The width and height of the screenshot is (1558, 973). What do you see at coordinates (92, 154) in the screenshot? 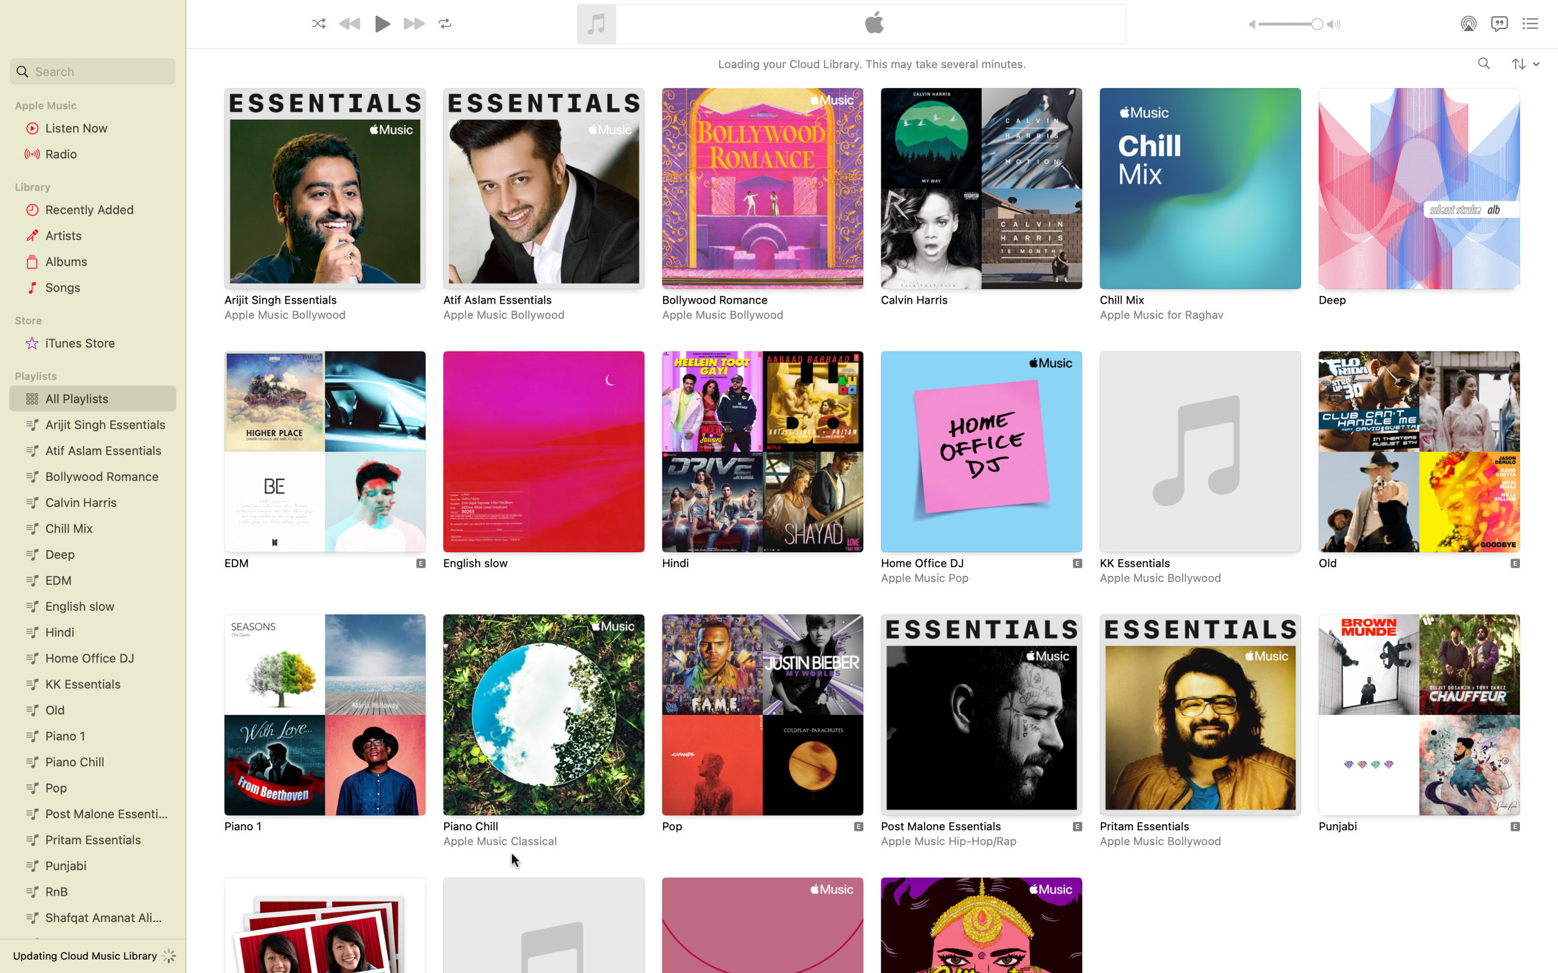
I see `Play music on the radio` at bounding box center [92, 154].